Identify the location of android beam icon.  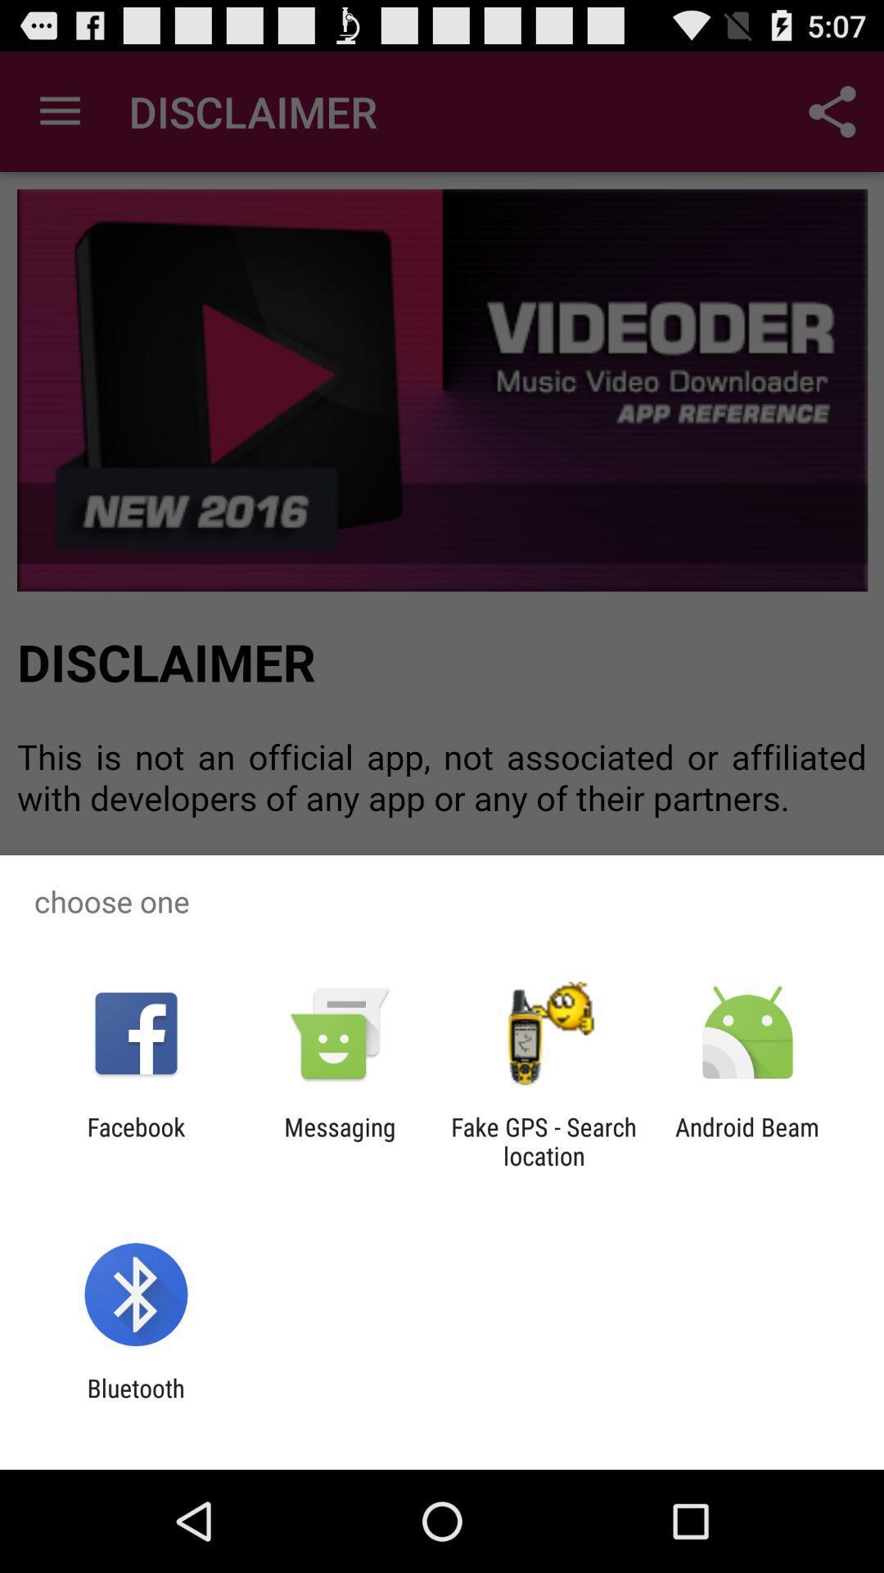
(747, 1140).